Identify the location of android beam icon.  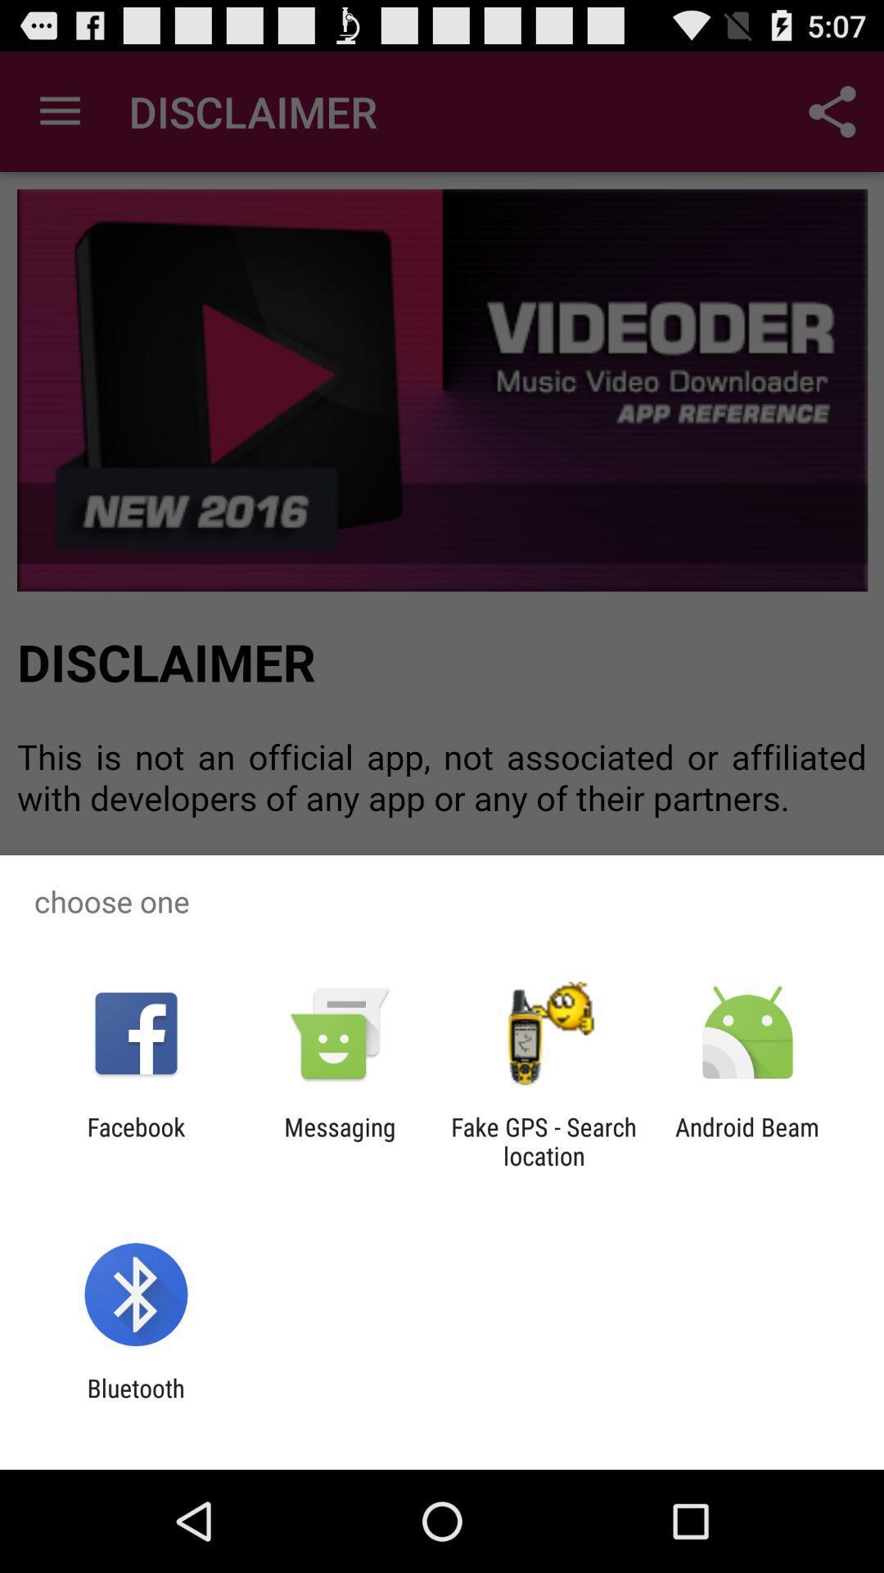
(747, 1140).